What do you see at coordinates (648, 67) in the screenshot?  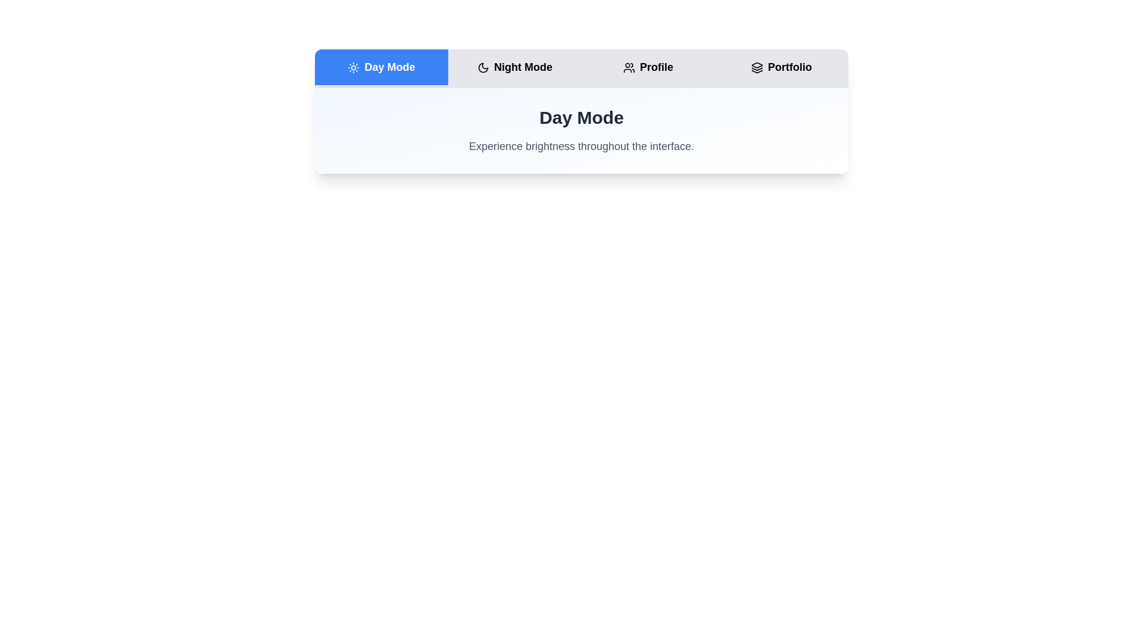 I see `the tab labeled Profile to observe its hover effect` at bounding box center [648, 67].